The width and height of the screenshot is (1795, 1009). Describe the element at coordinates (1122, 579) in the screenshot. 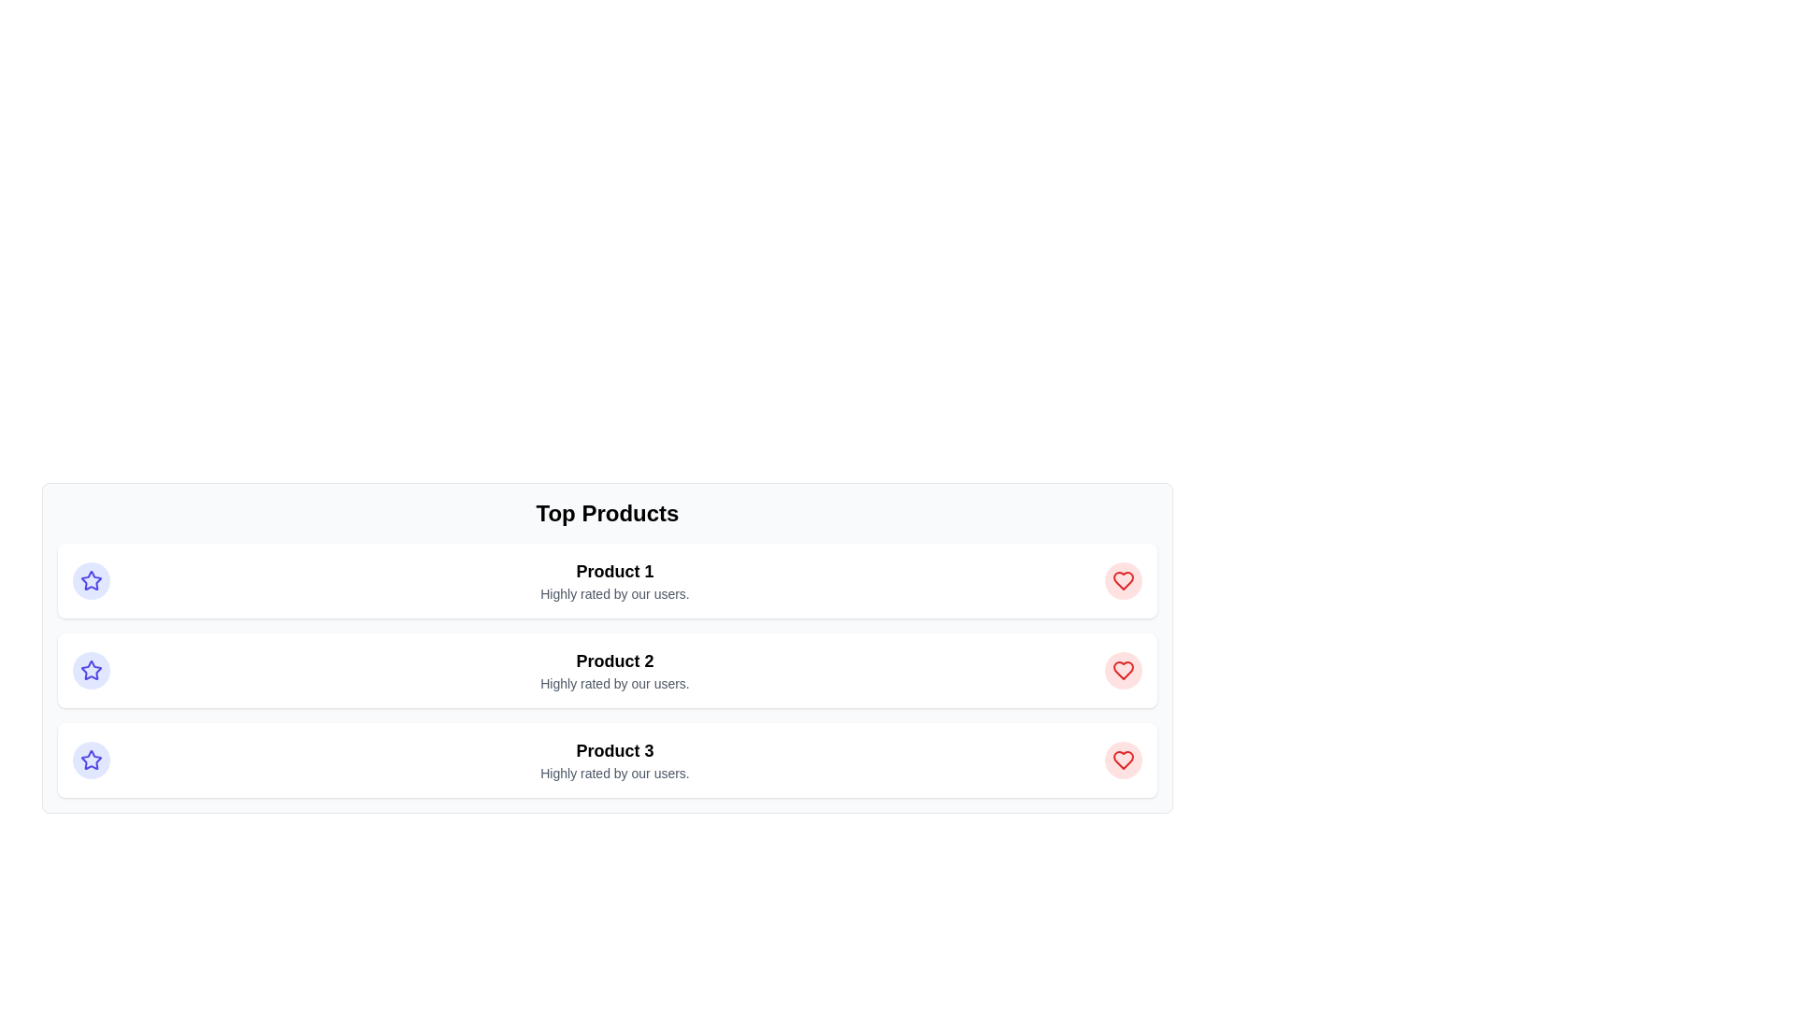

I see `the heart icon button located on the right side of the interface to like the associated product` at that location.